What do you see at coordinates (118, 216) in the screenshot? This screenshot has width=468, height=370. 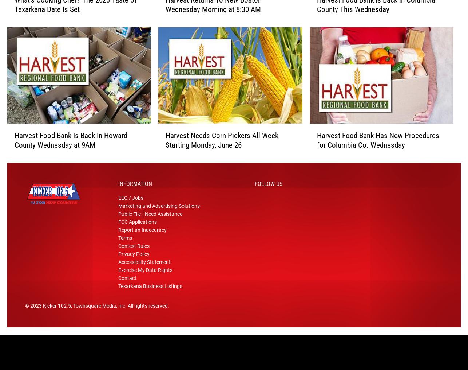 I see `'Public File'` at bounding box center [118, 216].